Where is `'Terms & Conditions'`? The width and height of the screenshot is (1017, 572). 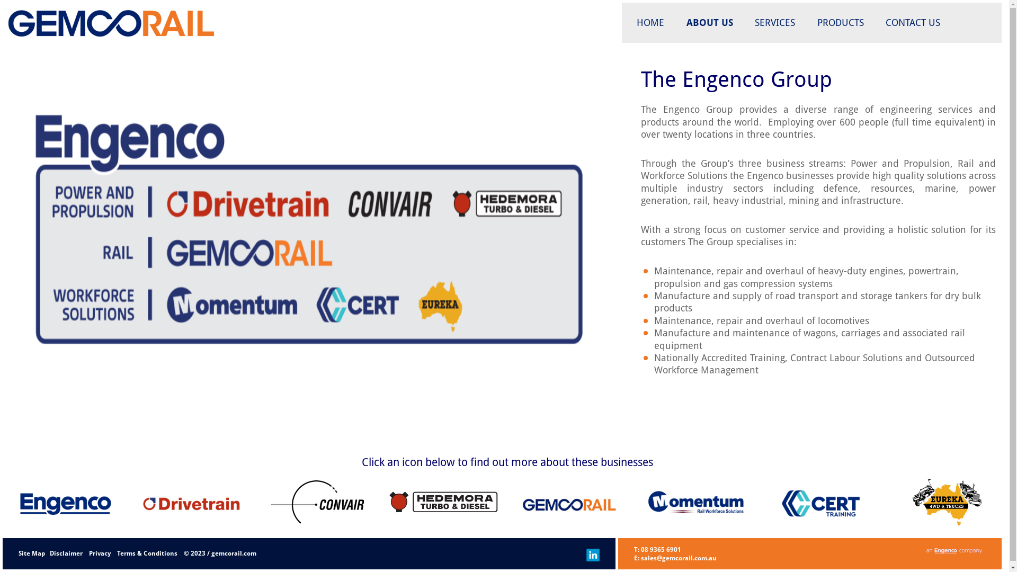
'Terms & Conditions' is located at coordinates (147, 553).